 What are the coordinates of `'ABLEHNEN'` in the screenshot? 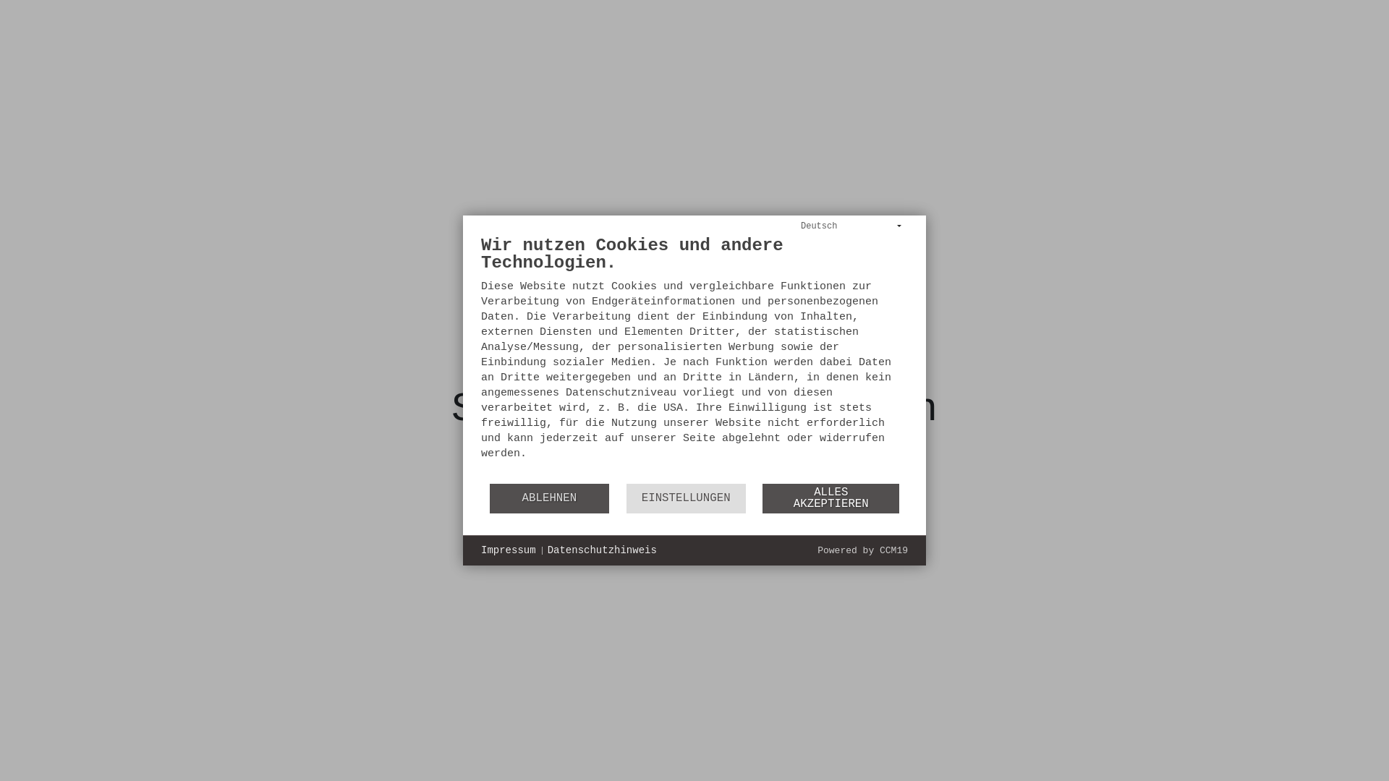 It's located at (489, 498).